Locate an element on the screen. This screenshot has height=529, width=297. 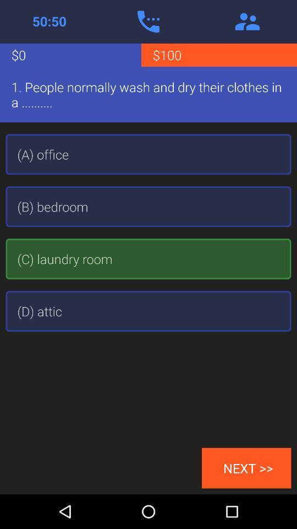
open phone is located at coordinates (148, 21).